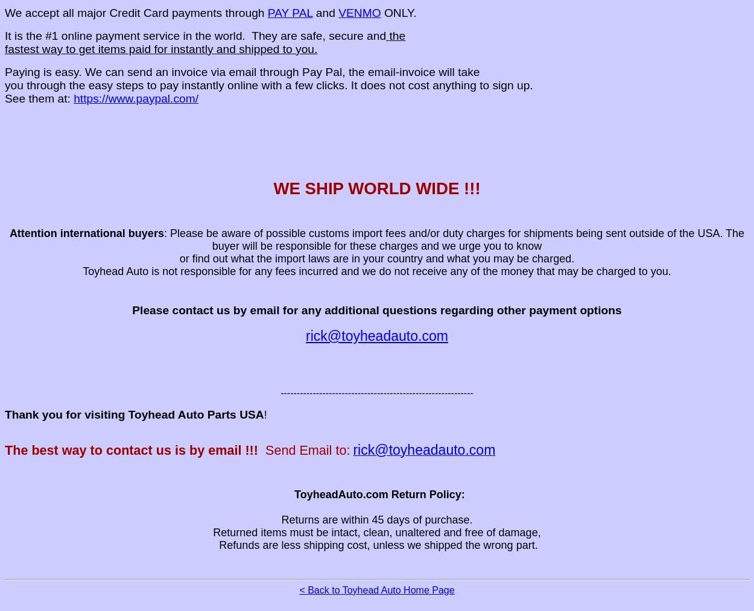 This screenshot has height=611, width=754. Describe the element at coordinates (252, 413) in the screenshot. I see `'USA'` at that location.